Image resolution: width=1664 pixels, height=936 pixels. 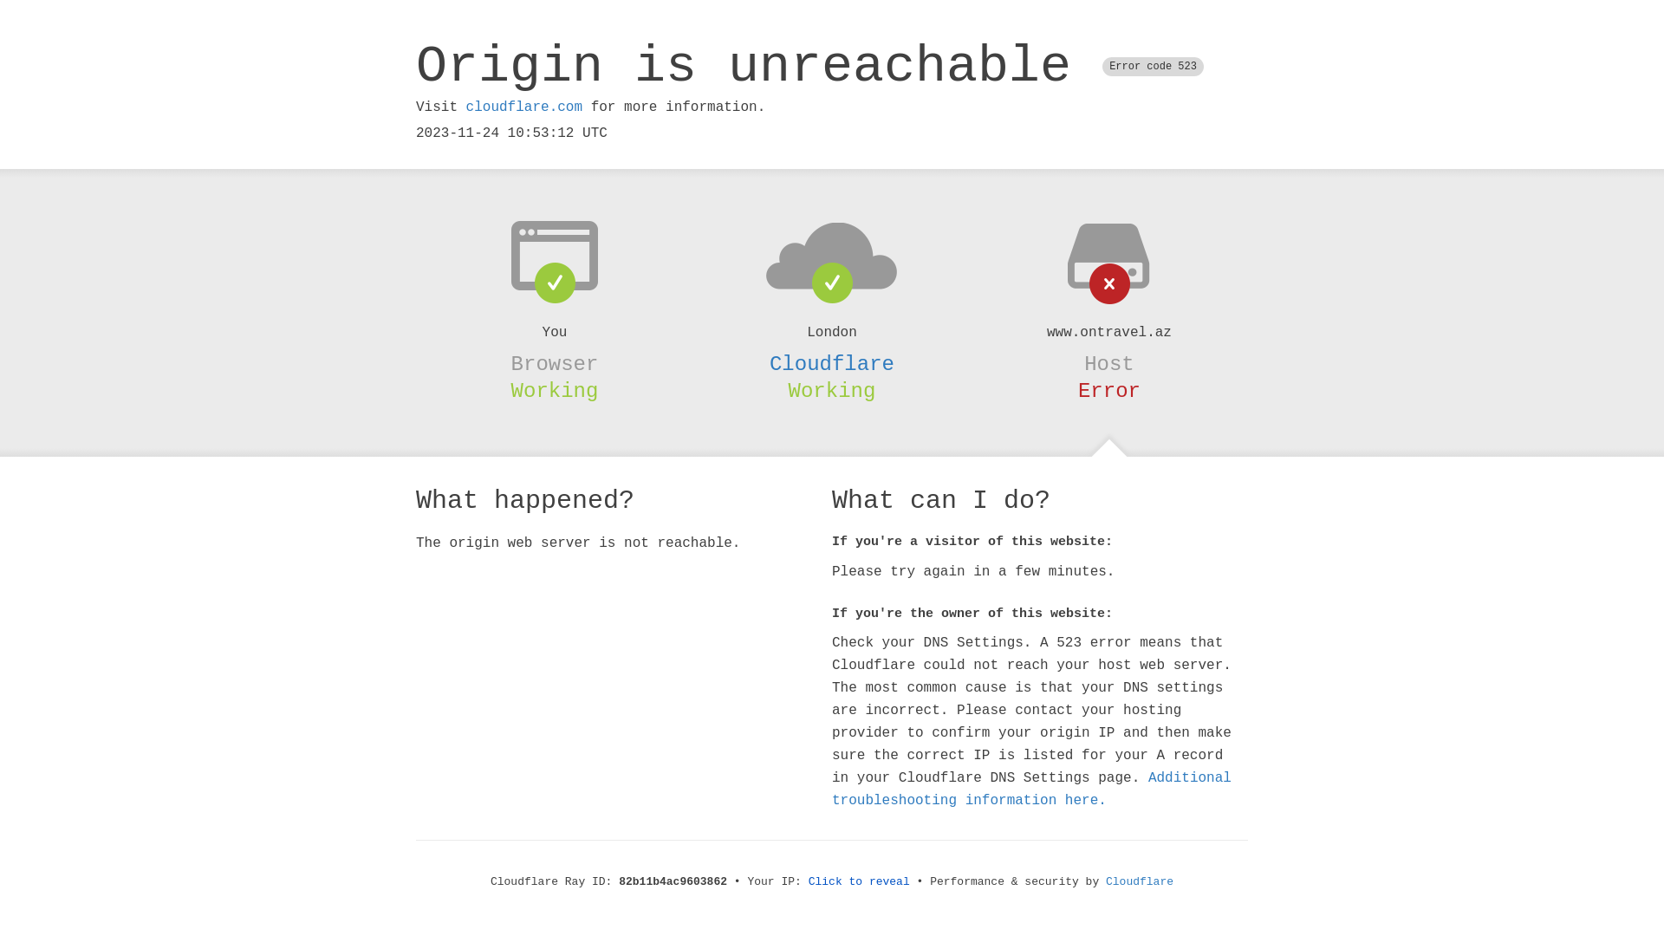 What do you see at coordinates (1031, 789) in the screenshot?
I see `'Additional troubleshooting information here.'` at bounding box center [1031, 789].